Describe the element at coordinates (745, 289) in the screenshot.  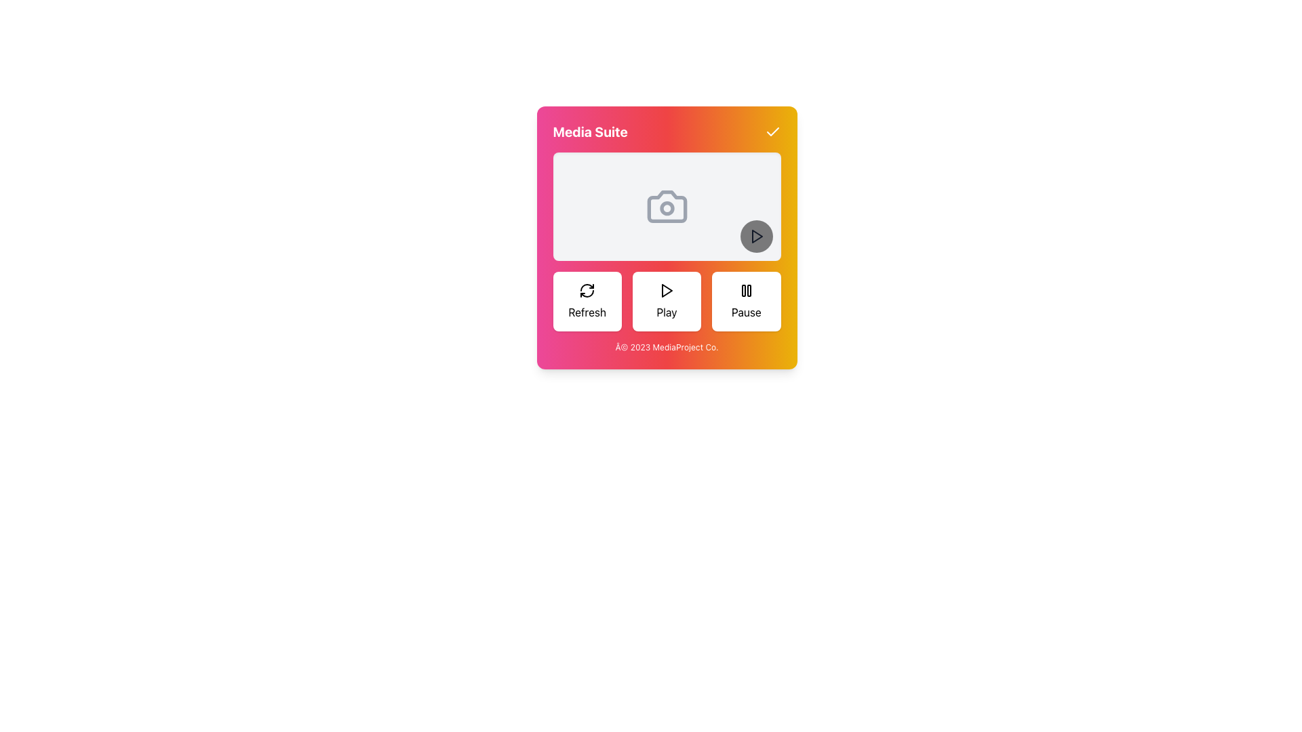
I see `the pause button icon located in the bottom right quadrant of the 'Media Suite' card` at that location.